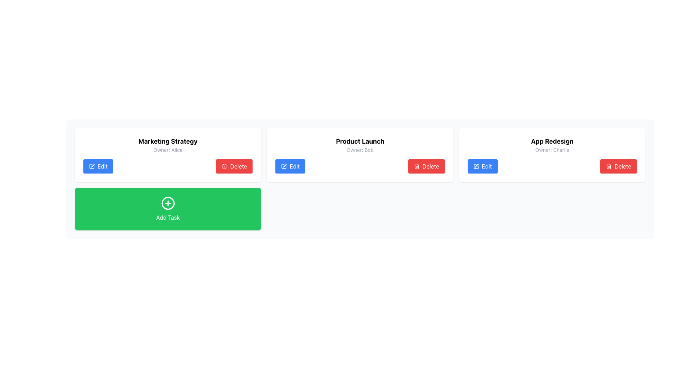  What do you see at coordinates (477, 166) in the screenshot?
I see `the edit icon fragment within the 'Edit' button for the 'Product Launch' task, which visually represents the edit functionality` at bounding box center [477, 166].